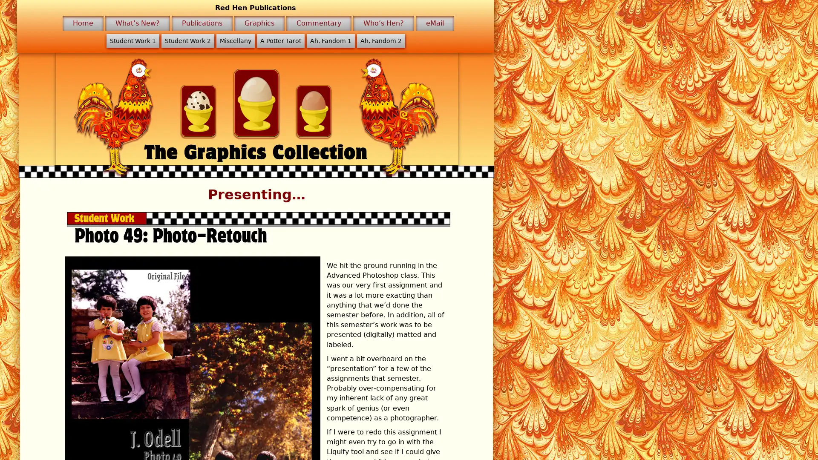  What do you see at coordinates (132, 41) in the screenshot?
I see `Student Work 1` at bounding box center [132, 41].